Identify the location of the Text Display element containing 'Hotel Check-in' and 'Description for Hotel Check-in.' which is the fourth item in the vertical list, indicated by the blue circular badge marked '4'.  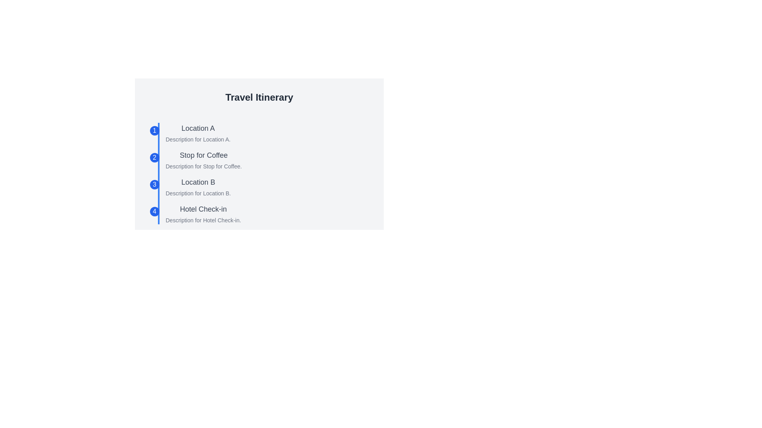
(203, 214).